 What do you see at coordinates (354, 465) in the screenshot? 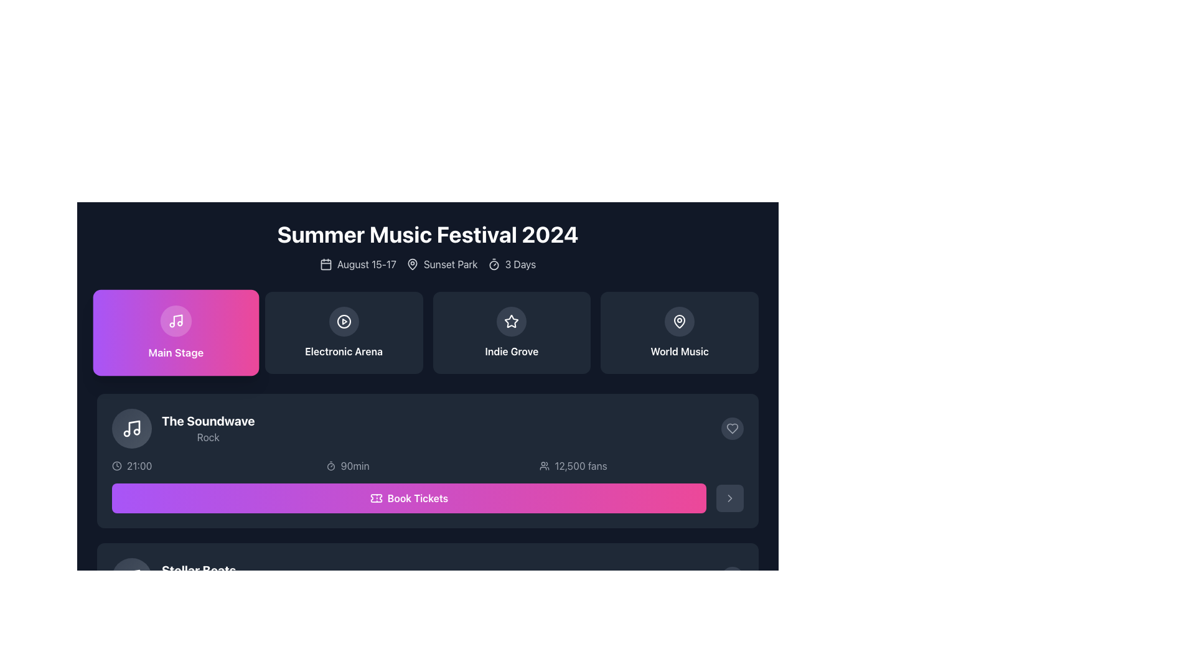
I see `text label displaying '90min' in light gray font, positioned next to the timer icon in the lower central section of 'The Soundwave' music event entry` at bounding box center [354, 465].